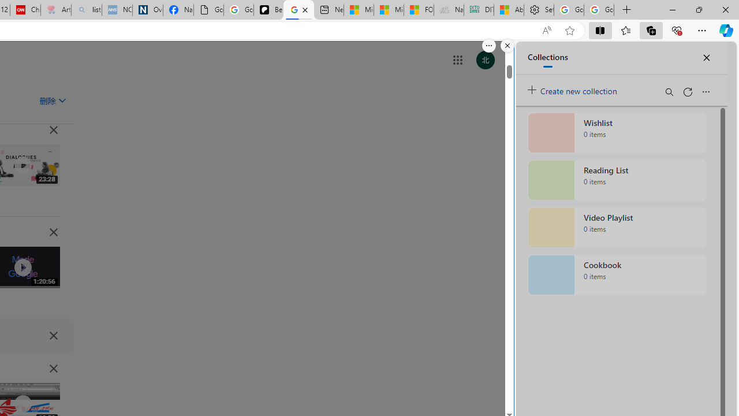 This screenshot has height=416, width=739. Describe the element at coordinates (55, 10) in the screenshot. I see `'Arthritis: Ask Health Professionals - Sleeping'` at that location.